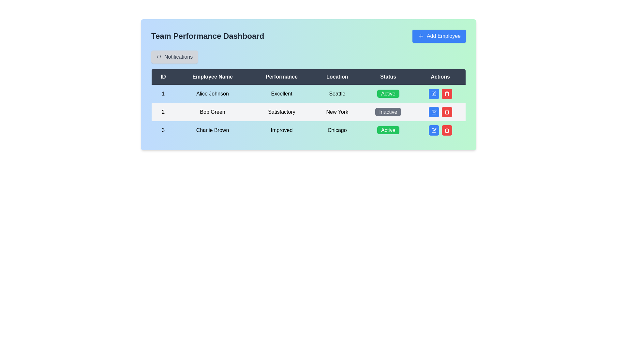 This screenshot has height=352, width=626. What do you see at coordinates (434, 111) in the screenshot?
I see `the small rectangular blue button with white text and a pen icon in the 'Actions' column of the second row (Bob Green)` at bounding box center [434, 111].